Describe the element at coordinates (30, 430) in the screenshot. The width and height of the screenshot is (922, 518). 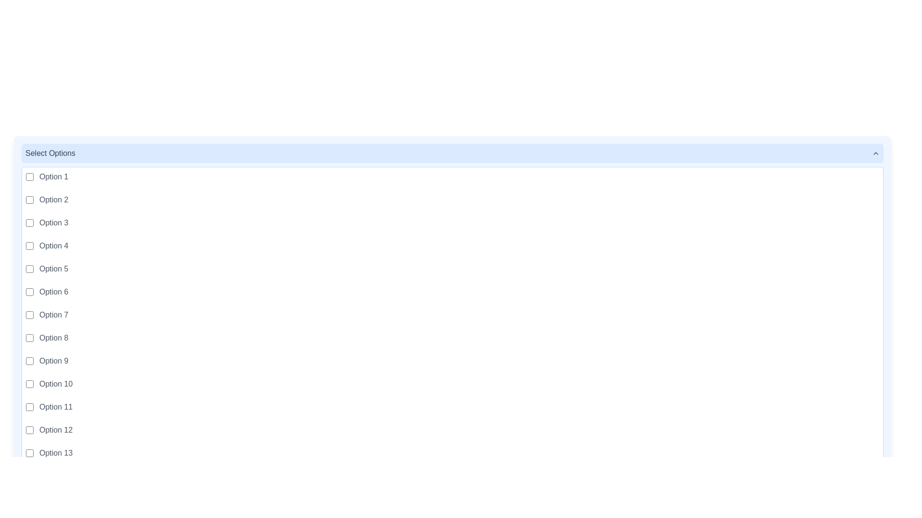
I see `the checkbox labeled 'Option 12'` at that location.